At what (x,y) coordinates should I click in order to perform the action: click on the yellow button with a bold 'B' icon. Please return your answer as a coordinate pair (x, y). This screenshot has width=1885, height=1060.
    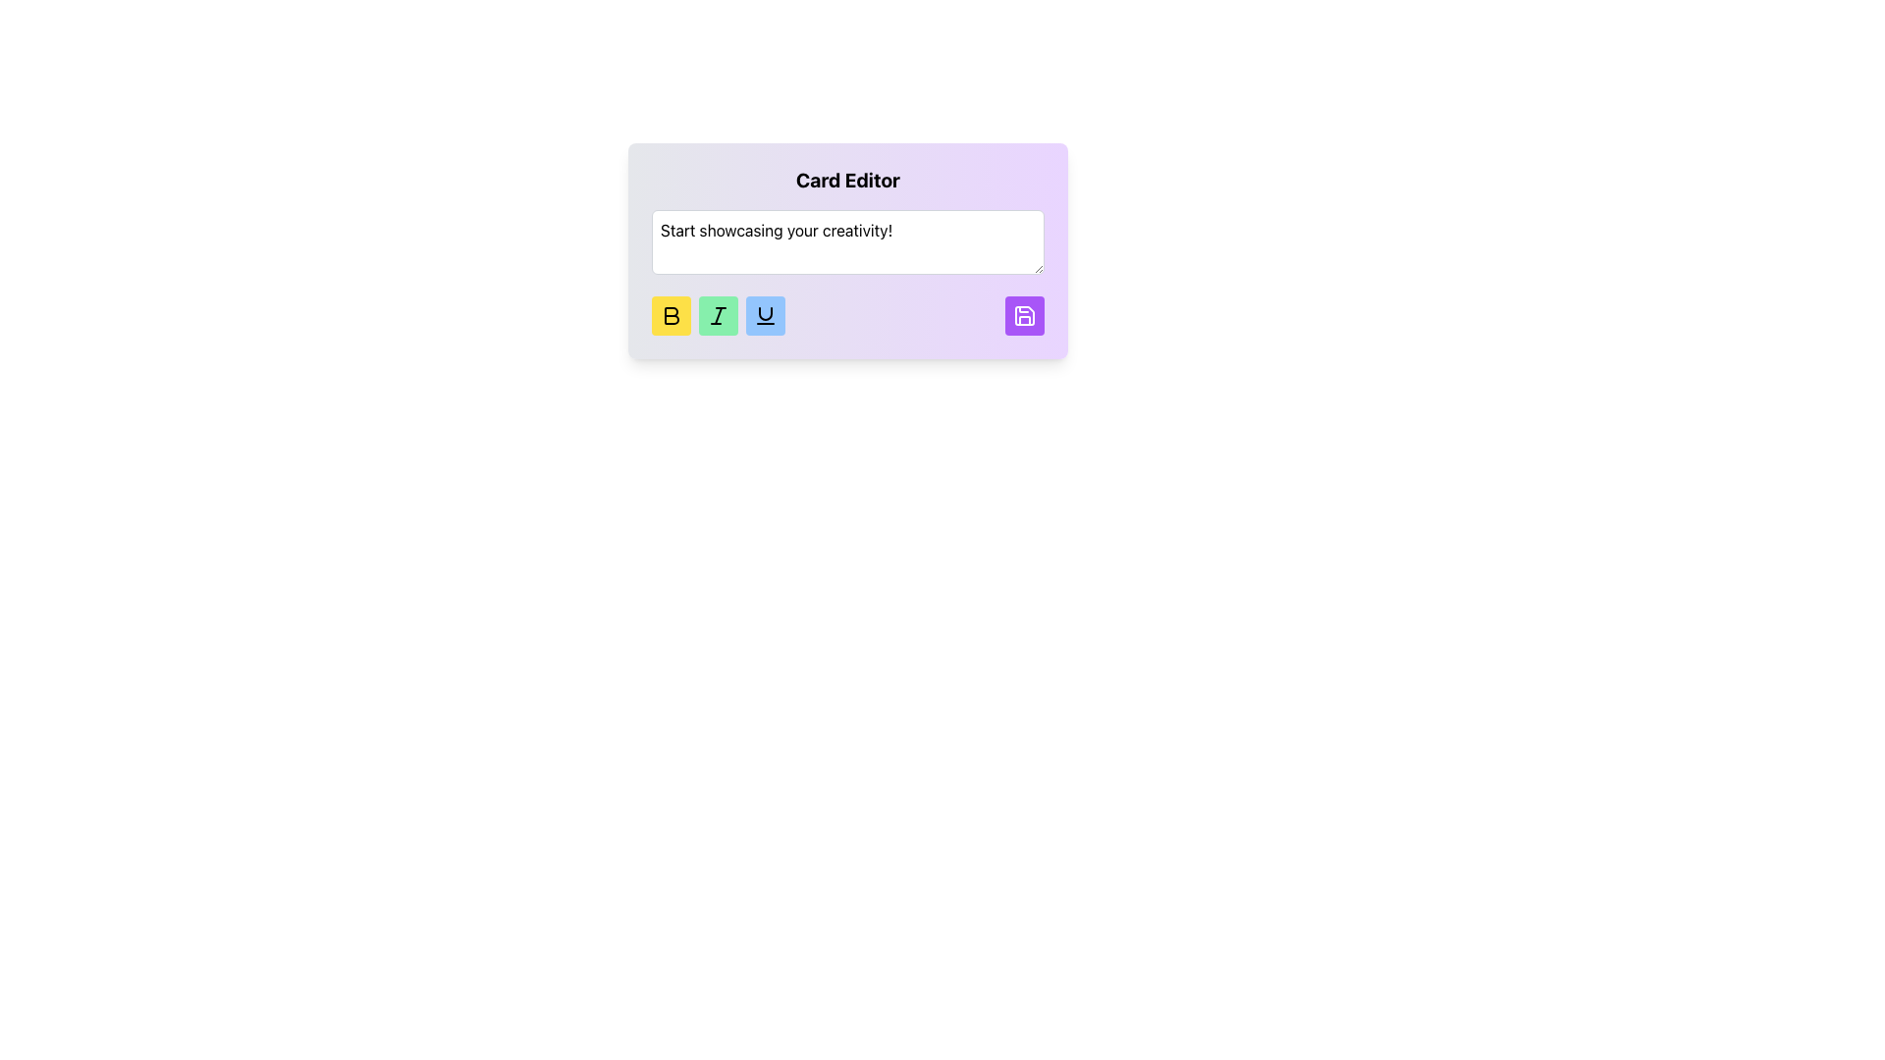
    Looking at the image, I should click on (672, 314).